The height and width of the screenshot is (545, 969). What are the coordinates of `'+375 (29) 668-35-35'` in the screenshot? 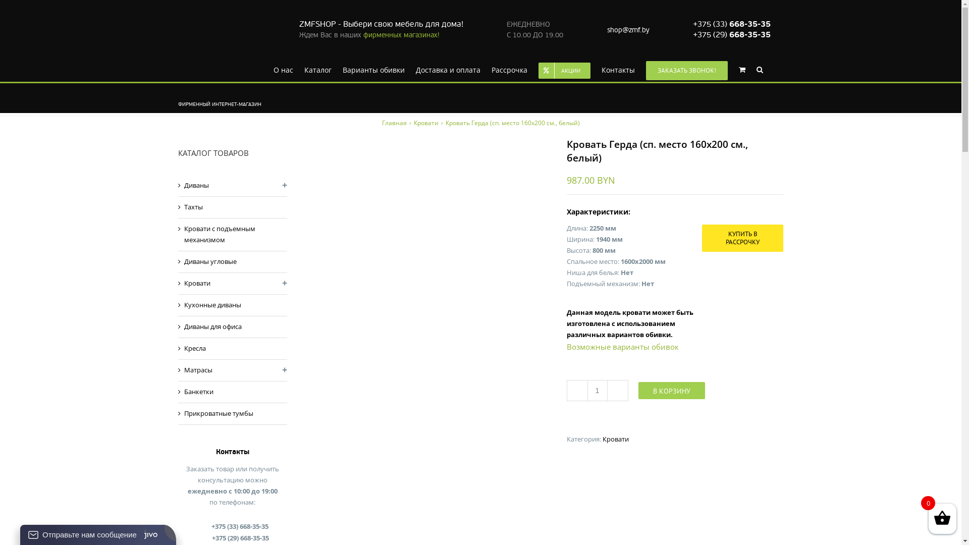 It's located at (731, 34).